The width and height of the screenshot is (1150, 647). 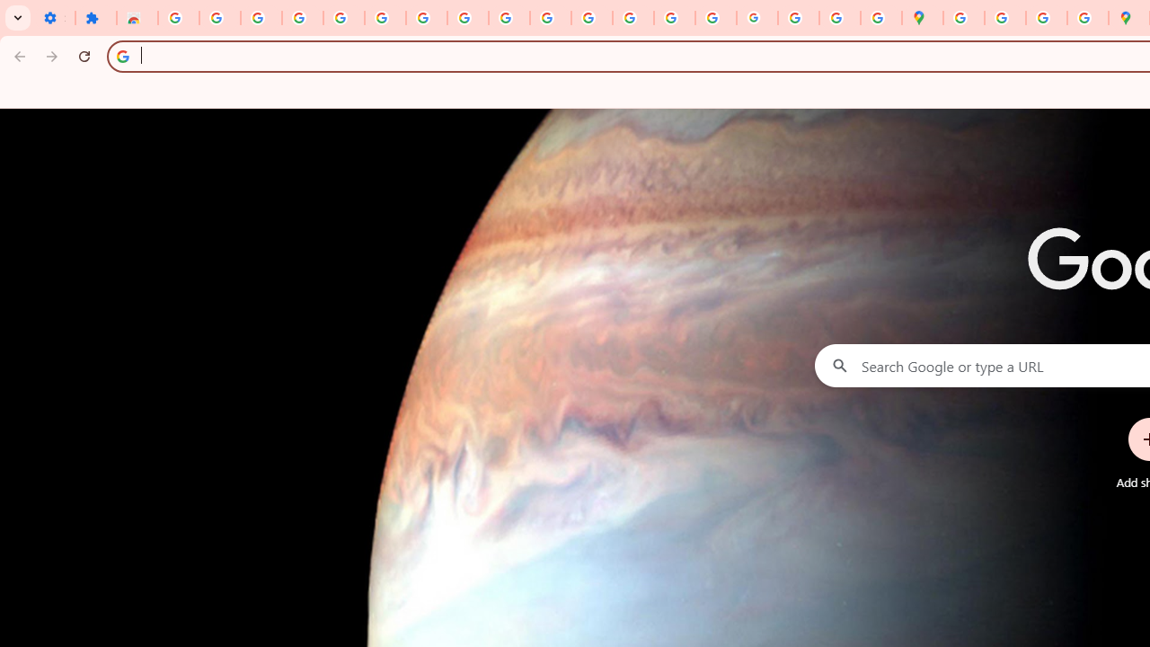 What do you see at coordinates (1086, 18) in the screenshot?
I see `'Safety in Our Products - Google Safety Center'` at bounding box center [1086, 18].